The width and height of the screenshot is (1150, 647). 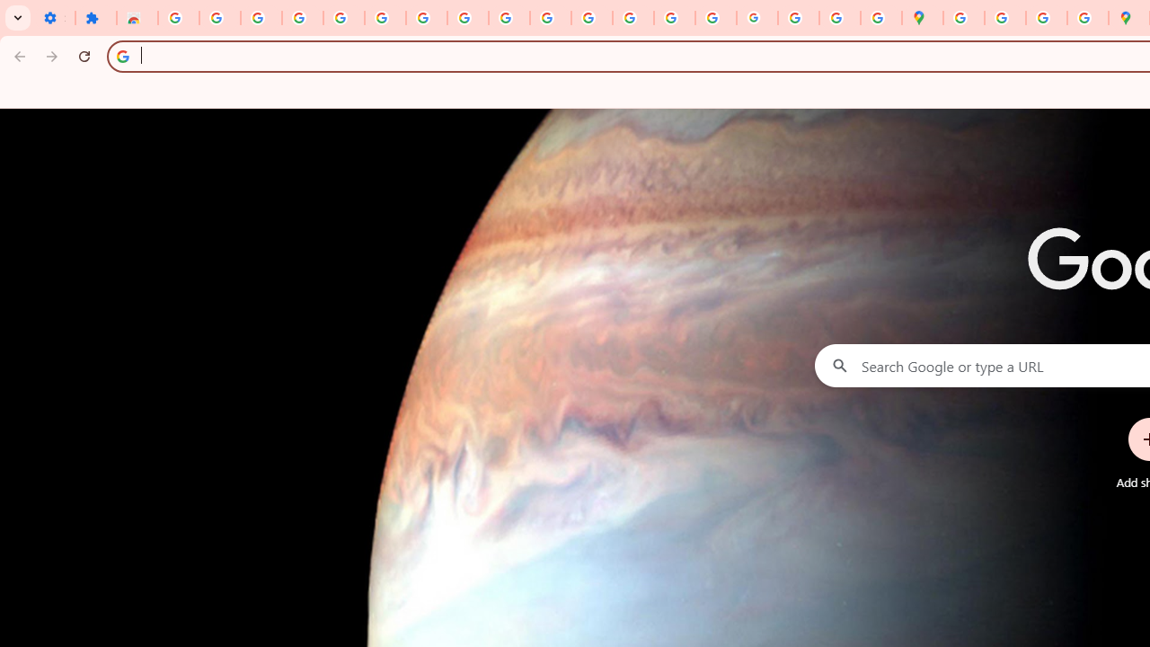 What do you see at coordinates (1086, 18) in the screenshot?
I see `'Safety in Our Products - Google Safety Center'` at bounding box center [1086, 18].